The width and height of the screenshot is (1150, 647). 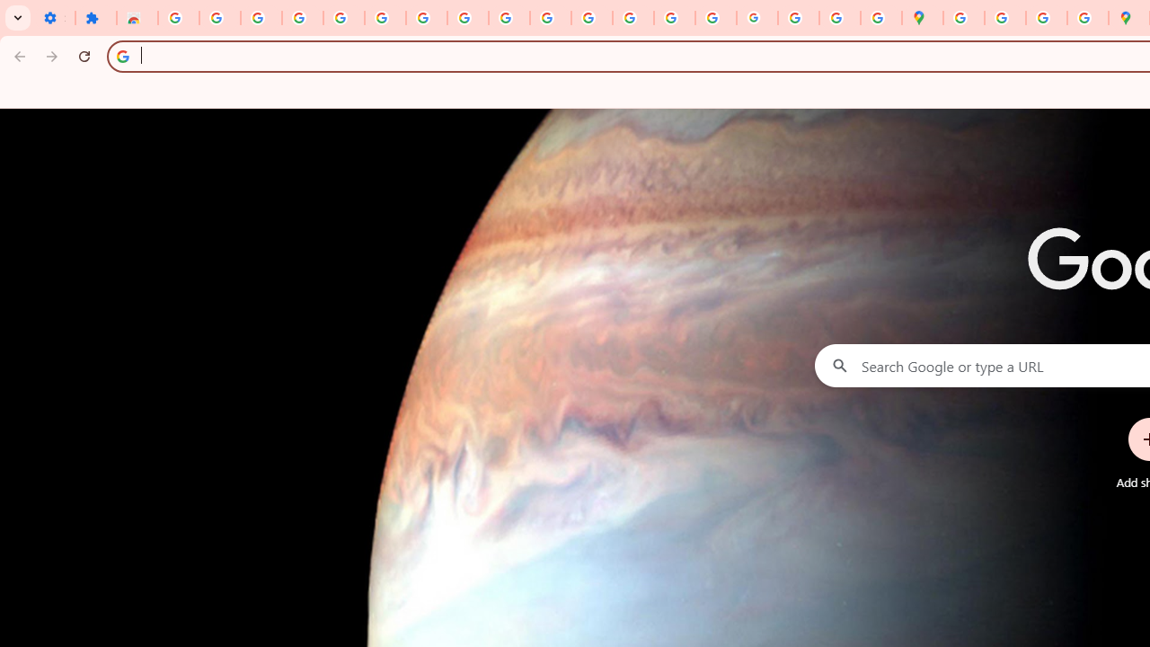 What do you see at coordinates (1086, 18) in the screenshot?
I see `'Safety in Our Products - Google Safety Center'` at bounding box center [1086, 18].